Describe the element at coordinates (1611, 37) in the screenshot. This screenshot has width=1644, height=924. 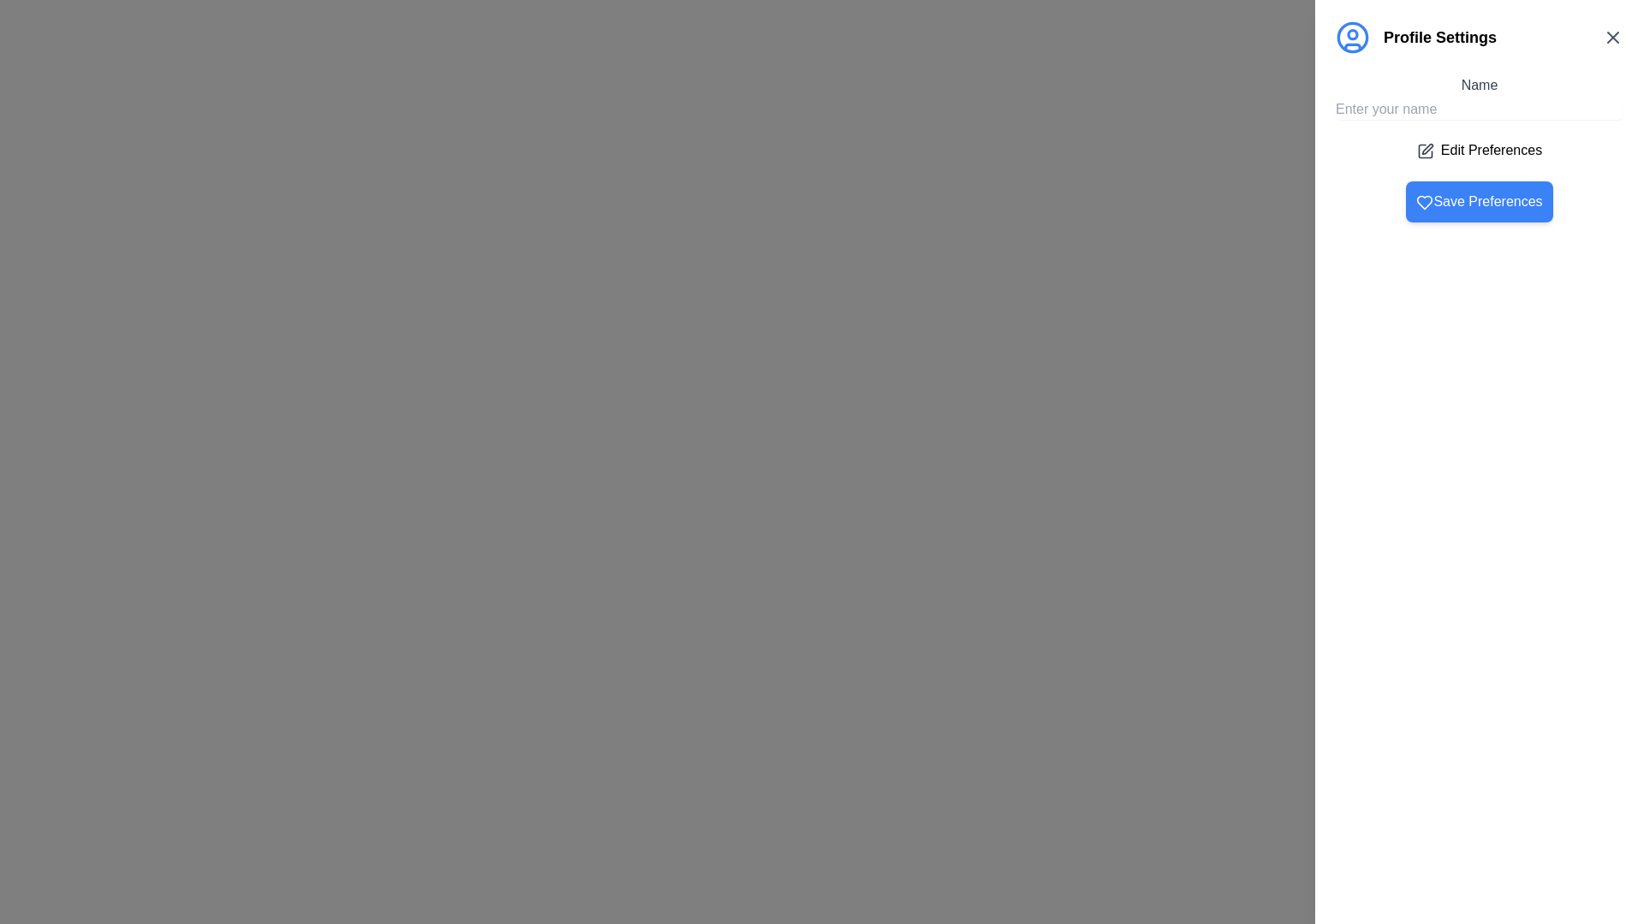
I see `the 'Close' button represented as an 'X' icon in the top-right corner of the 'Profile Settings' header` at that location.